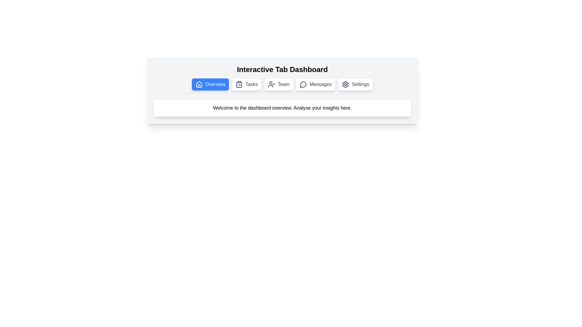  I want to click on the user avatar icon with a checkmark, which is the leftmost icon inside the 'Team' button tab, positioned between 'Tasks' and 'Messages', so click(271, 84).